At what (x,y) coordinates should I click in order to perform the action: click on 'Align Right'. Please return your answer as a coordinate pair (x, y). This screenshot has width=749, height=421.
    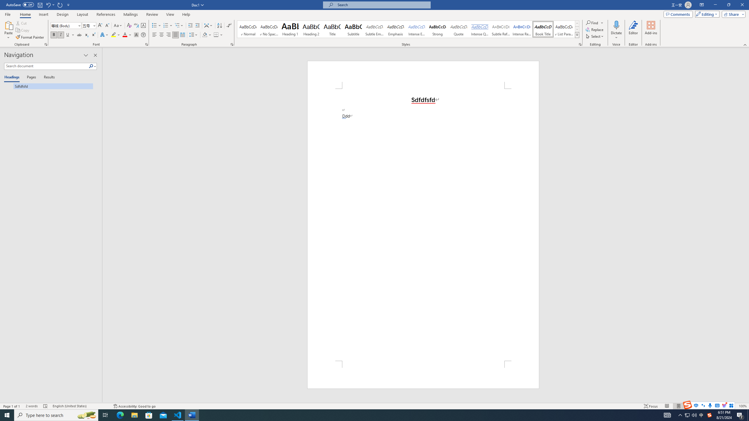
    Looking at the image, I should click on (168, 34).